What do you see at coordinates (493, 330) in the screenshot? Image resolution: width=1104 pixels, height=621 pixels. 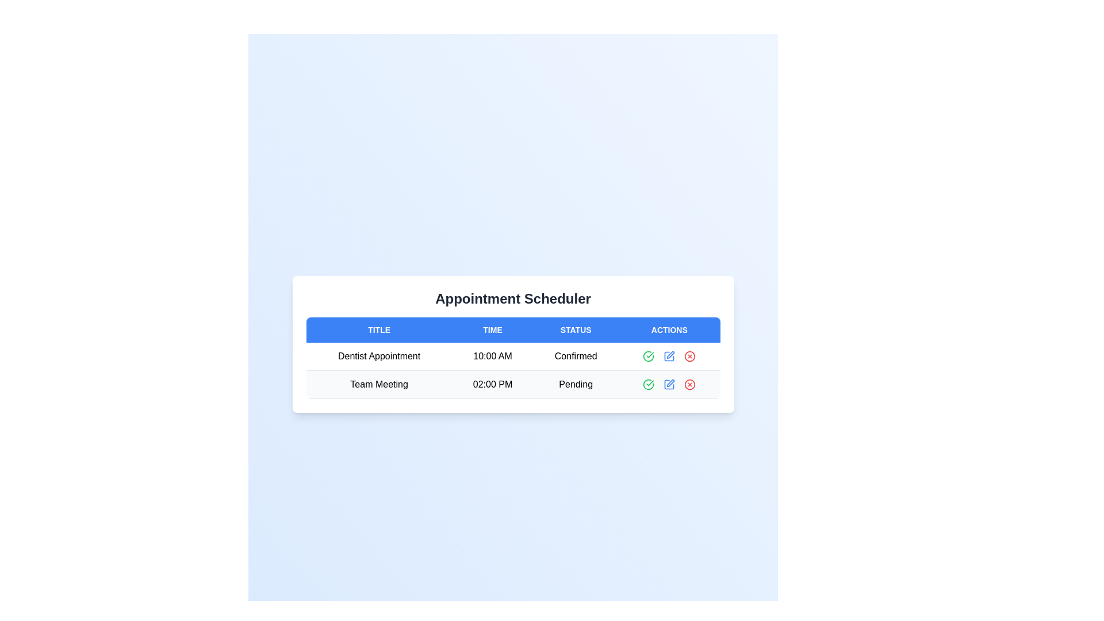 I see `the 'Time' column header, which is the second column in a four-column layout, located between the 'TITLE' and 'STATUS' columns` at bounding box center [493, 330].